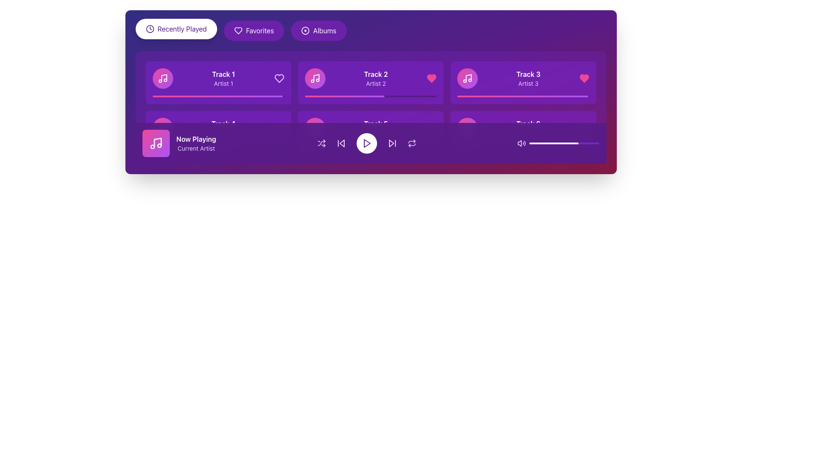 The image size is (819, 461). What do you see at coordinates (367, 143) in the screenshot?
I see `the music play/pause button located at the center of the music control section, which is surrounded by 'skip backward' and 'skip forward' buttons` at bounding box center [367, 143].